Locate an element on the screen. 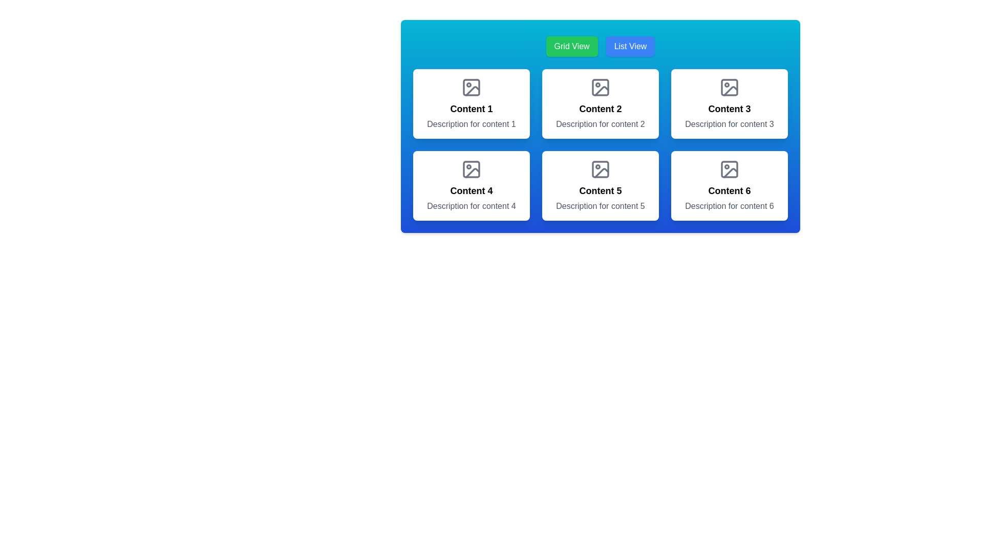 Image resolution: width=983 pixels, height=553 pixels. the text label 'Content 6', which is a bold and large-sized heading is located at coordinates (729, 191).